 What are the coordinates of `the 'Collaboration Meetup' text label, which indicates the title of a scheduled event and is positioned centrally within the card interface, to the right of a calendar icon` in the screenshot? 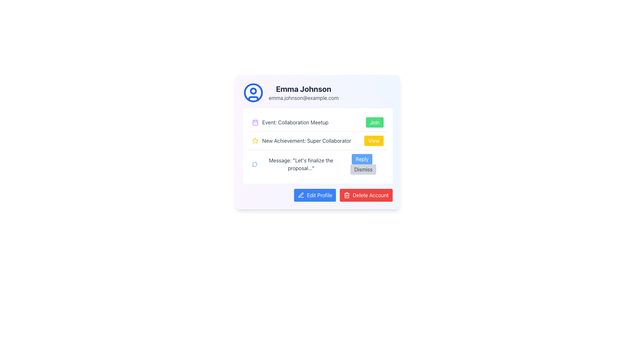 It's located at (295, 122).